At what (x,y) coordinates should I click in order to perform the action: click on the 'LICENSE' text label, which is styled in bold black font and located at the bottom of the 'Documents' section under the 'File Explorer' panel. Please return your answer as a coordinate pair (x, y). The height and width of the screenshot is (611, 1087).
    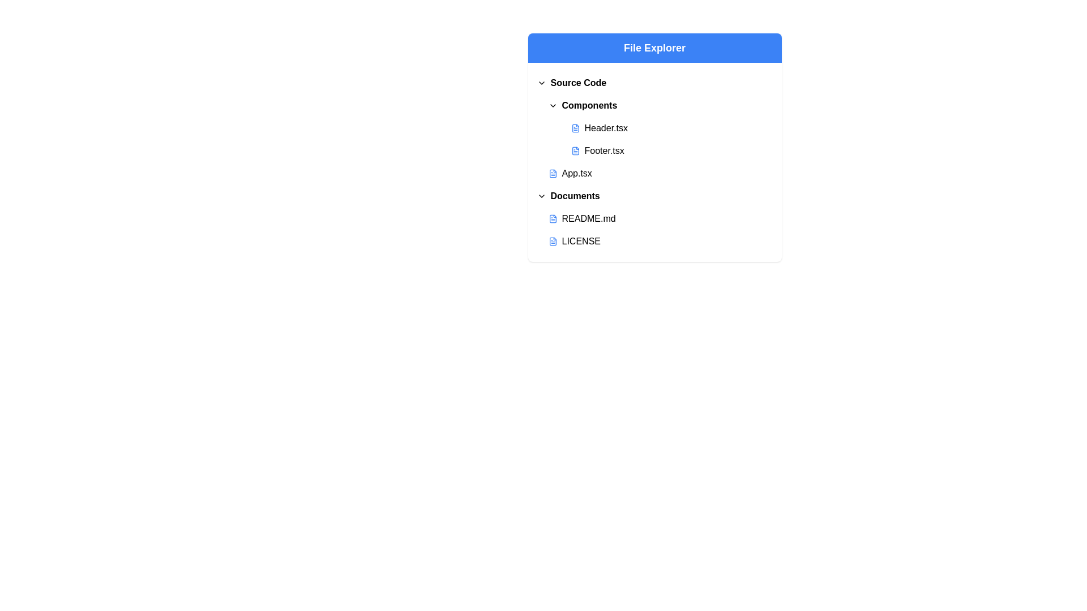
    Looking at the image, I should click on (581, 241).